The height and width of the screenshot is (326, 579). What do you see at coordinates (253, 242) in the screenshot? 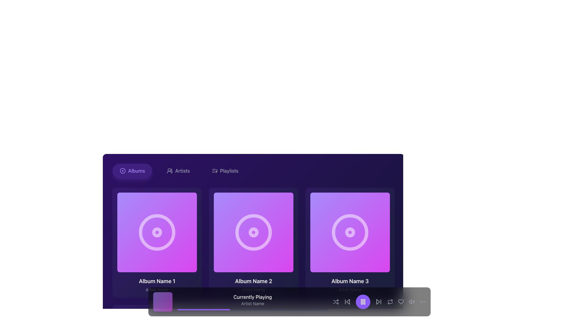
I see `the Media Card representing a music album, which is the second card` at bounding box center [253, 242].